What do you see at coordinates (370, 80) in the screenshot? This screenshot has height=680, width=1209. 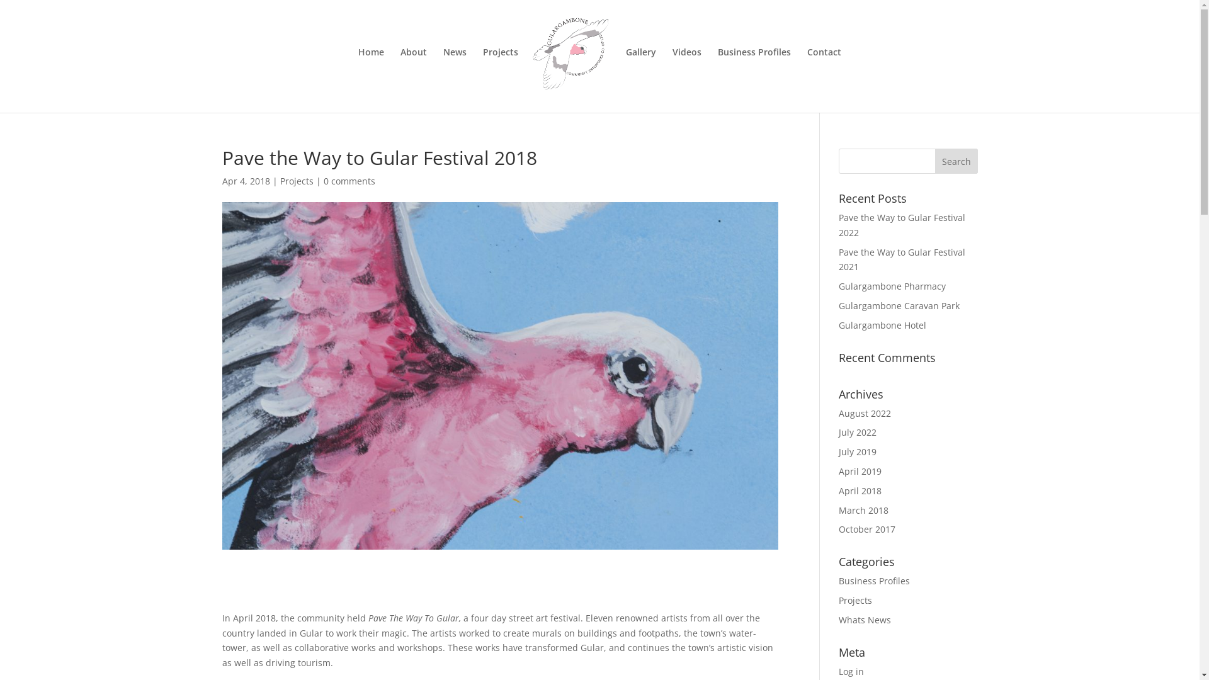 I see `'Home'` at bounding box center [370, 80].